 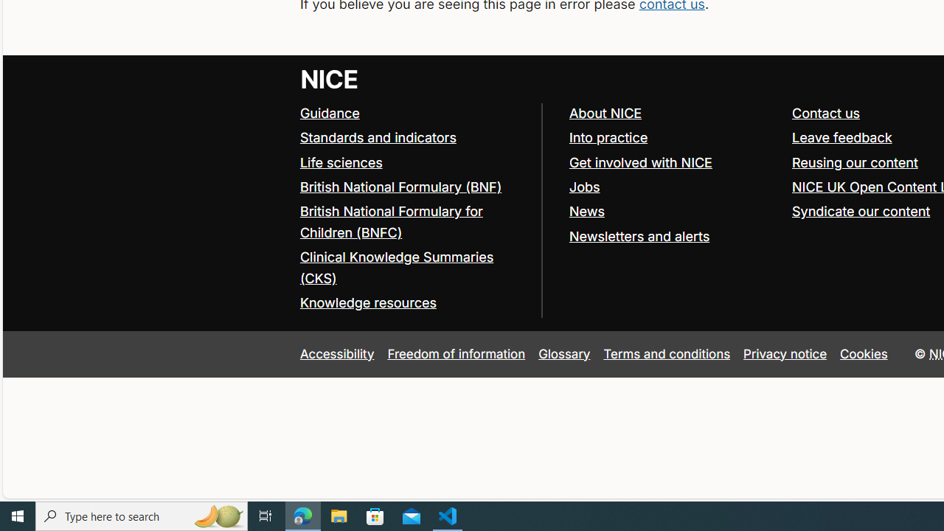 What do you see at coordinates (367, 302) in the screenshot?
I see `'Knowledge resources'` at bounding box center [367, 302].